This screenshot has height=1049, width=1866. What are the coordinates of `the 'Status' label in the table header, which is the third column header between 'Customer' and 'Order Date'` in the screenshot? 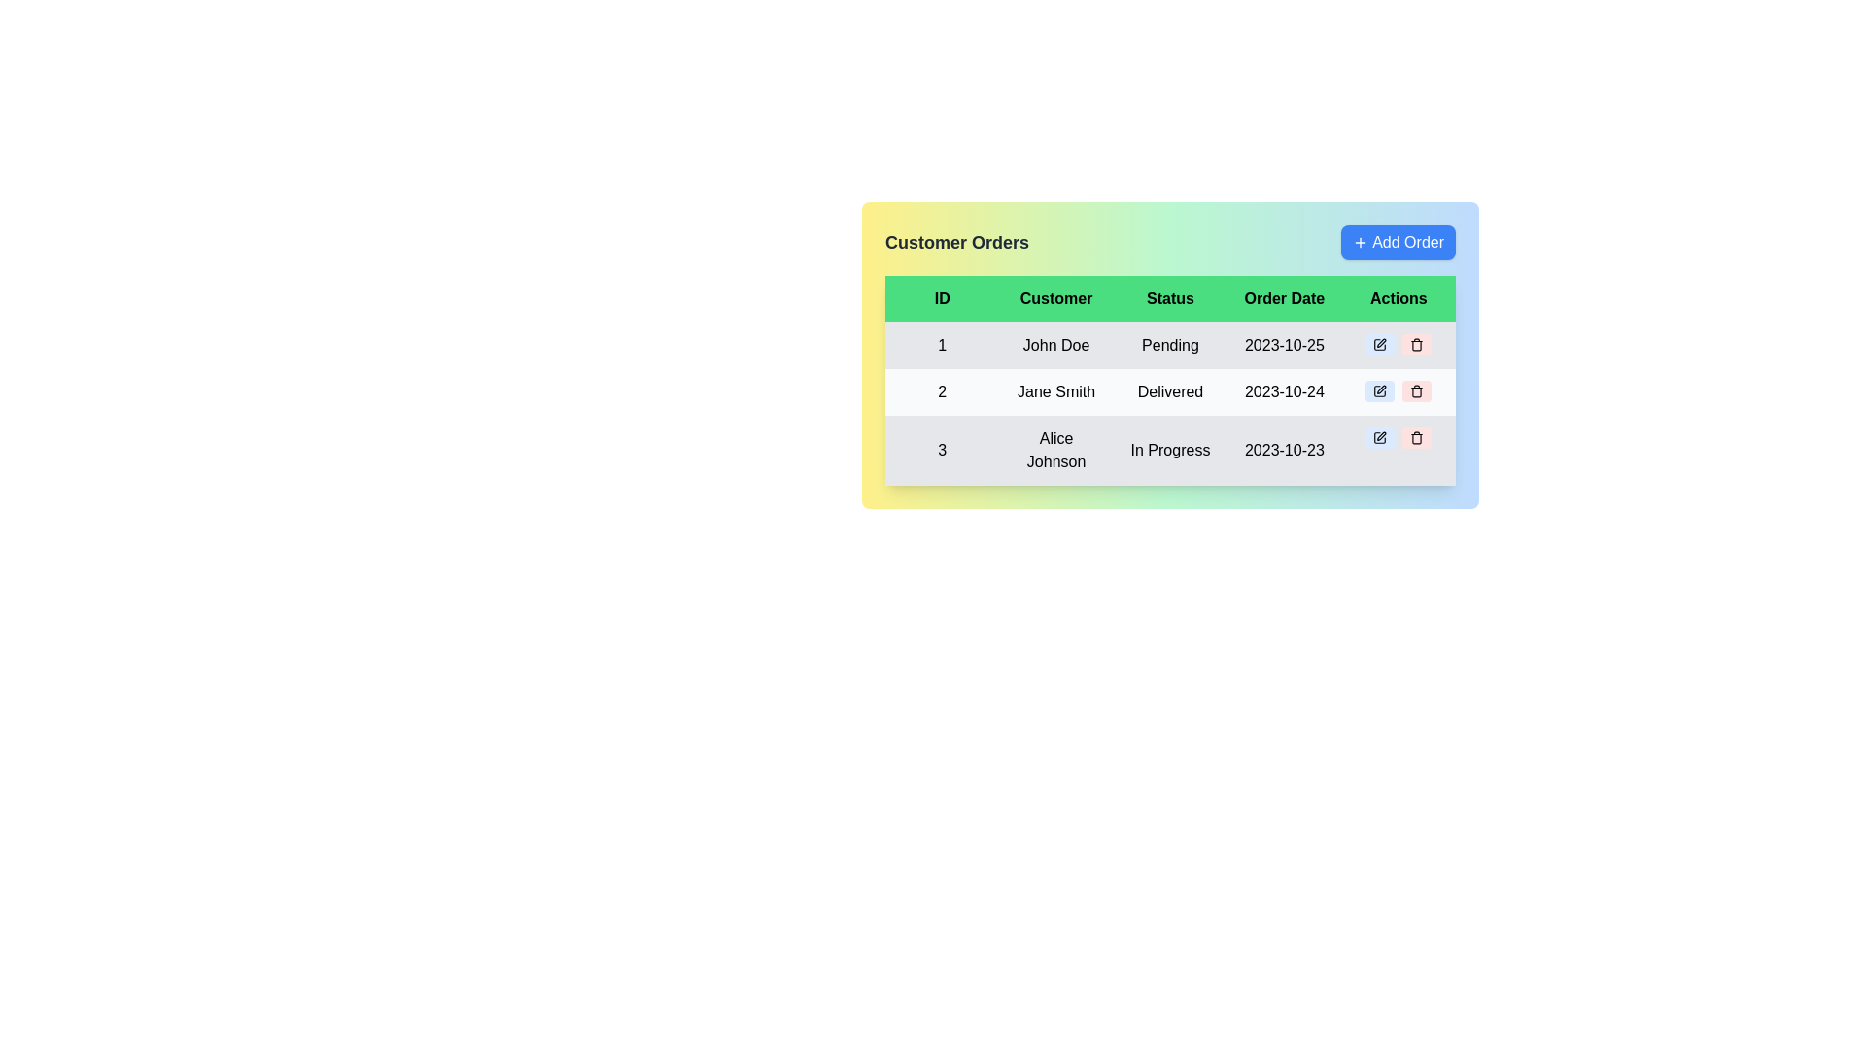 It's located at (1169, 299).